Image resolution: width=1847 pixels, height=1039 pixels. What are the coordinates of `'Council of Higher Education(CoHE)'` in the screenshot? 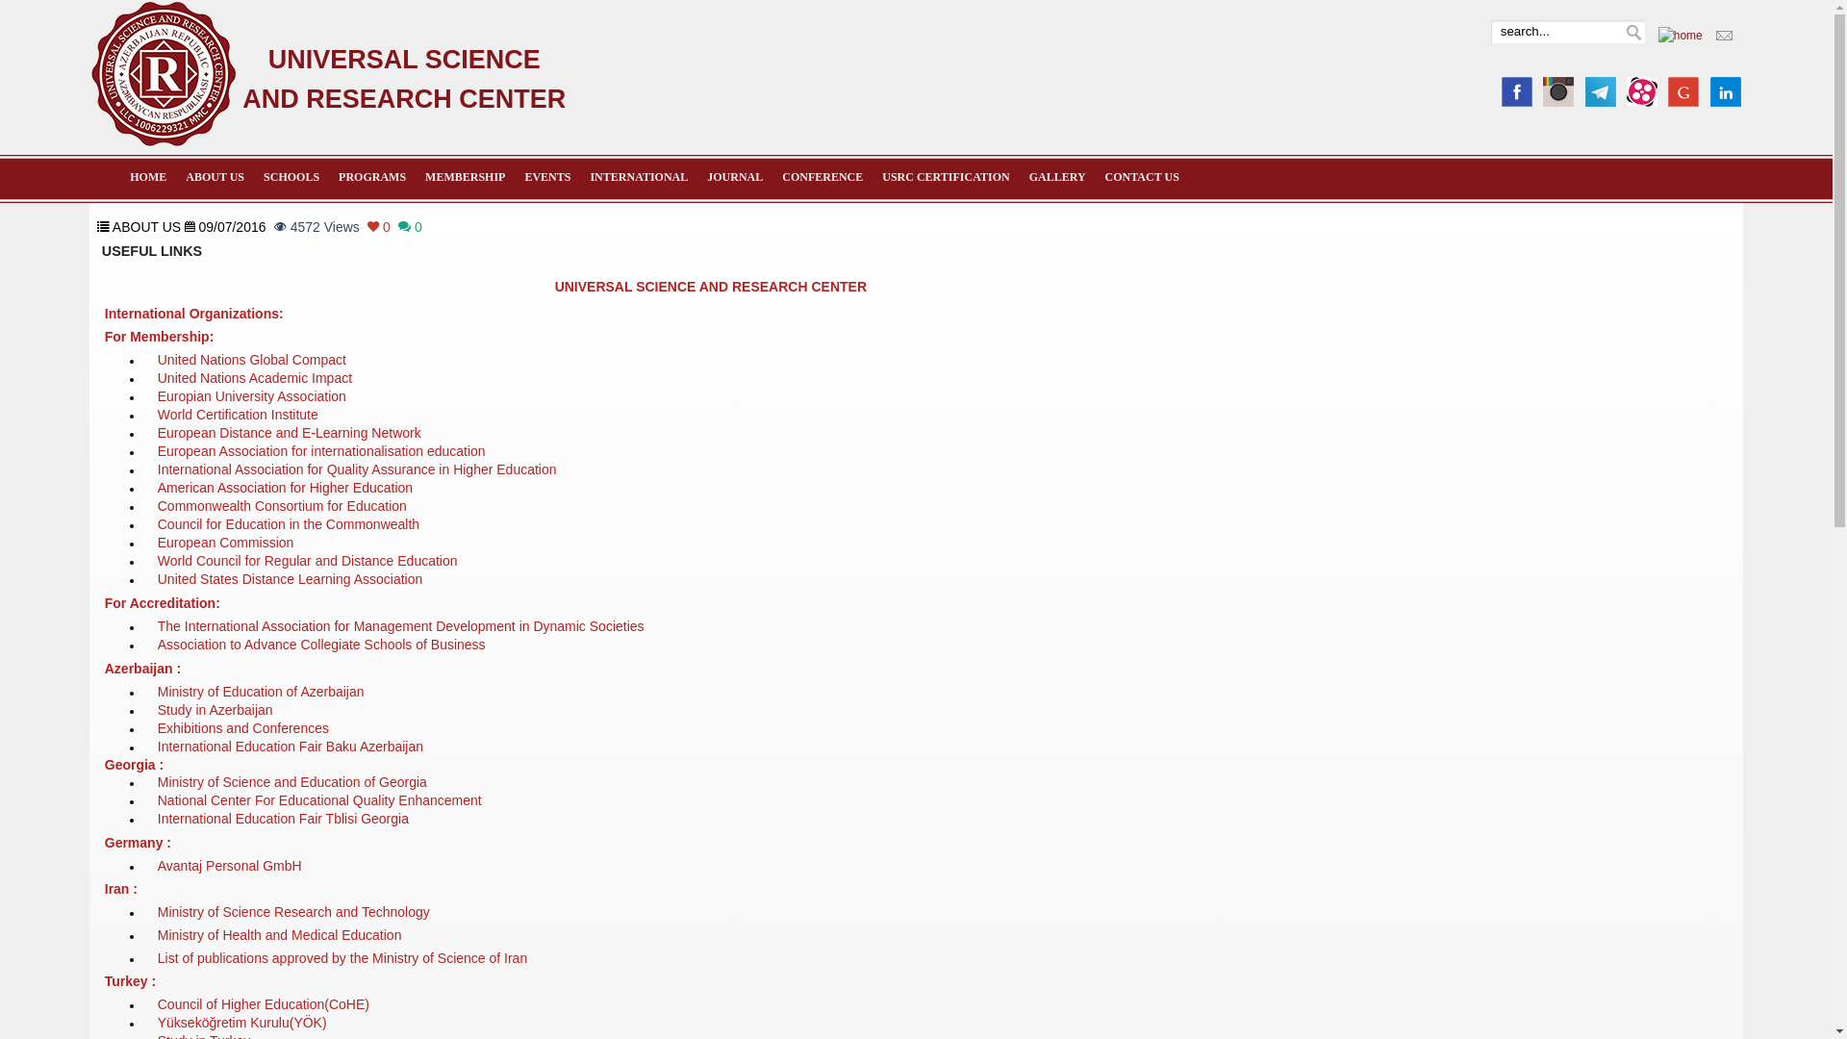 It's located at (262, 1003).